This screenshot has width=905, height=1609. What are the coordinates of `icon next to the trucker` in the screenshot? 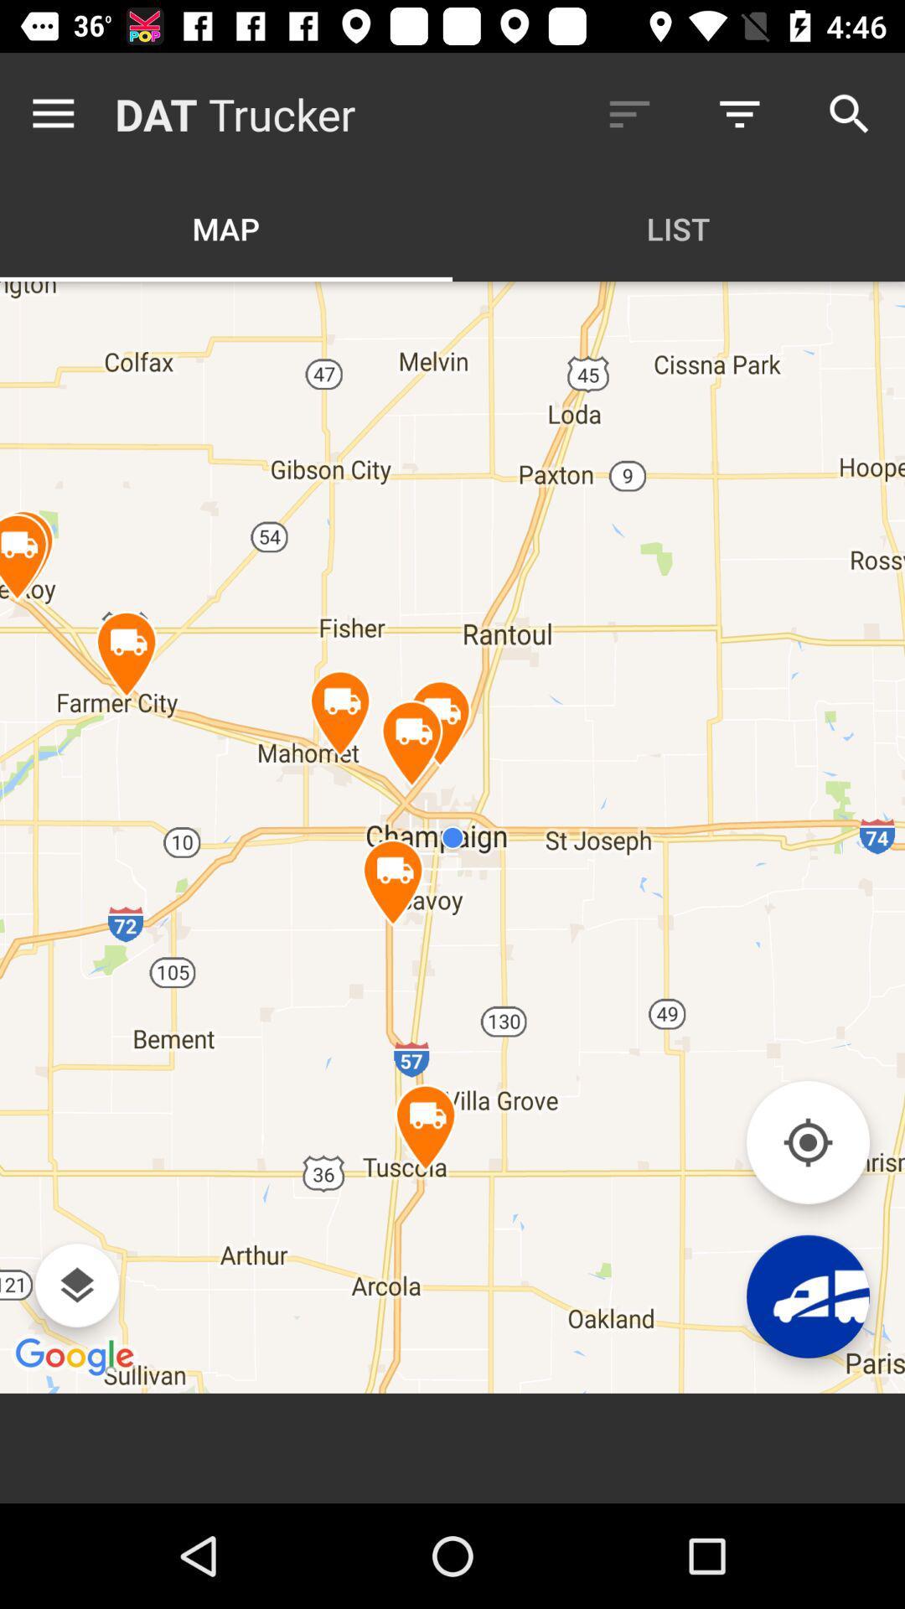 It's located at (629, 113).